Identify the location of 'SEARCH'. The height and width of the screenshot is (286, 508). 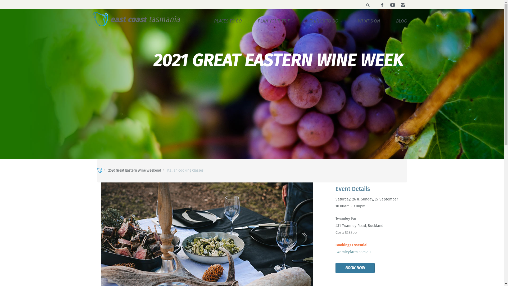
(362, 5).